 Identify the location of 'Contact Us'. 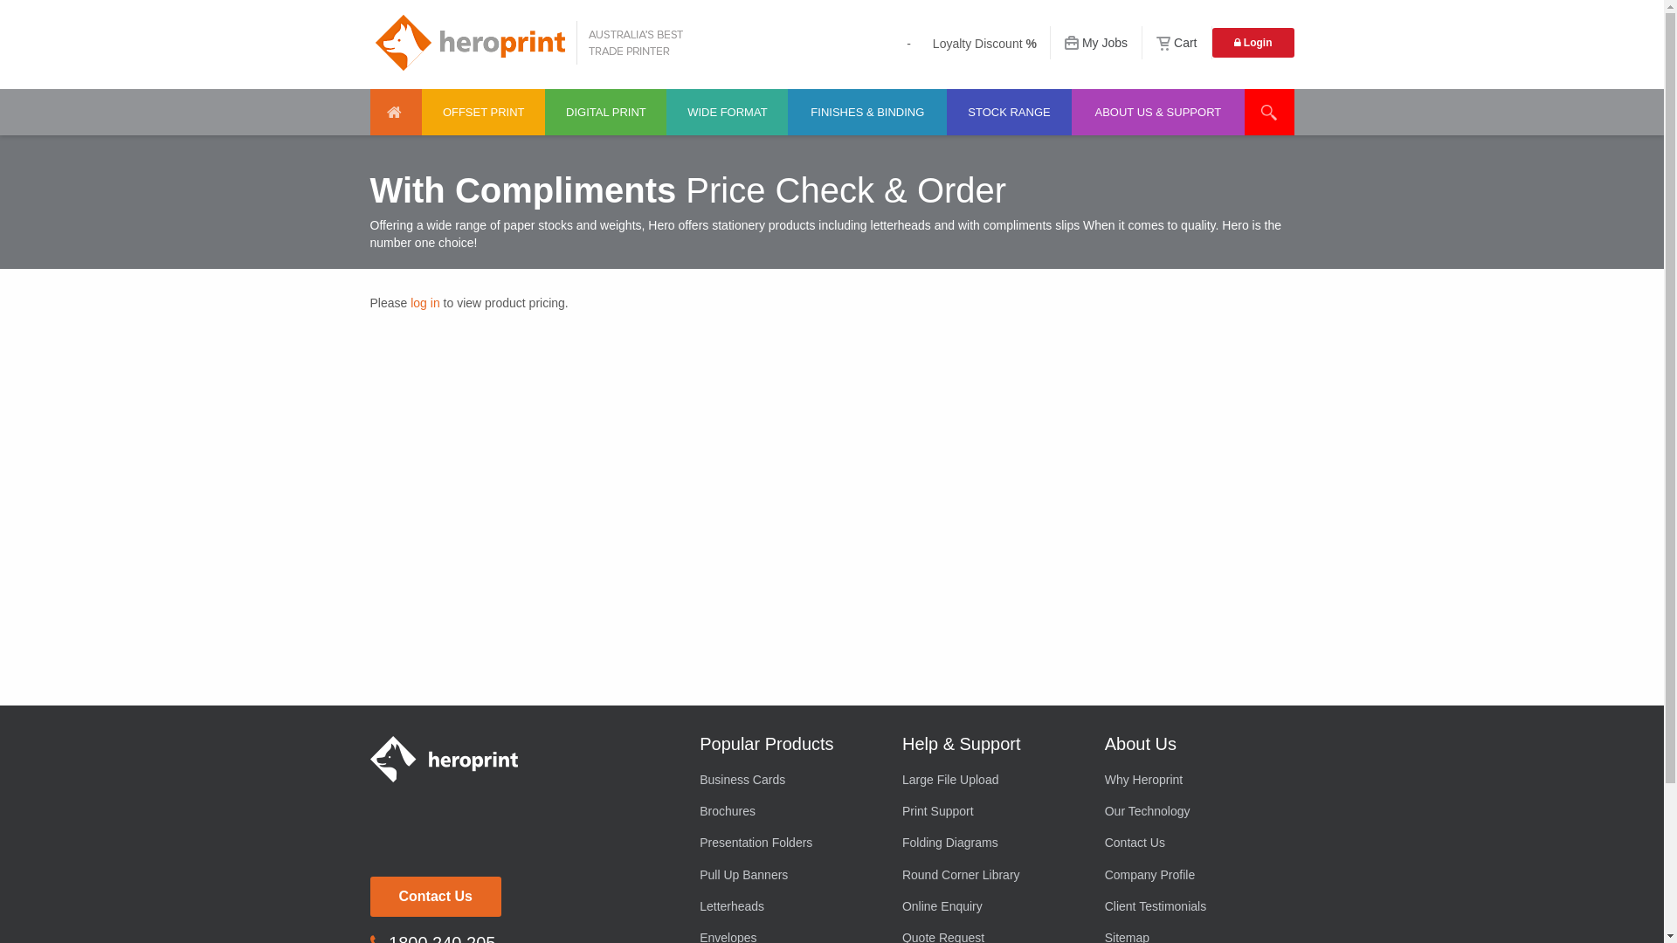
(1192, 841).